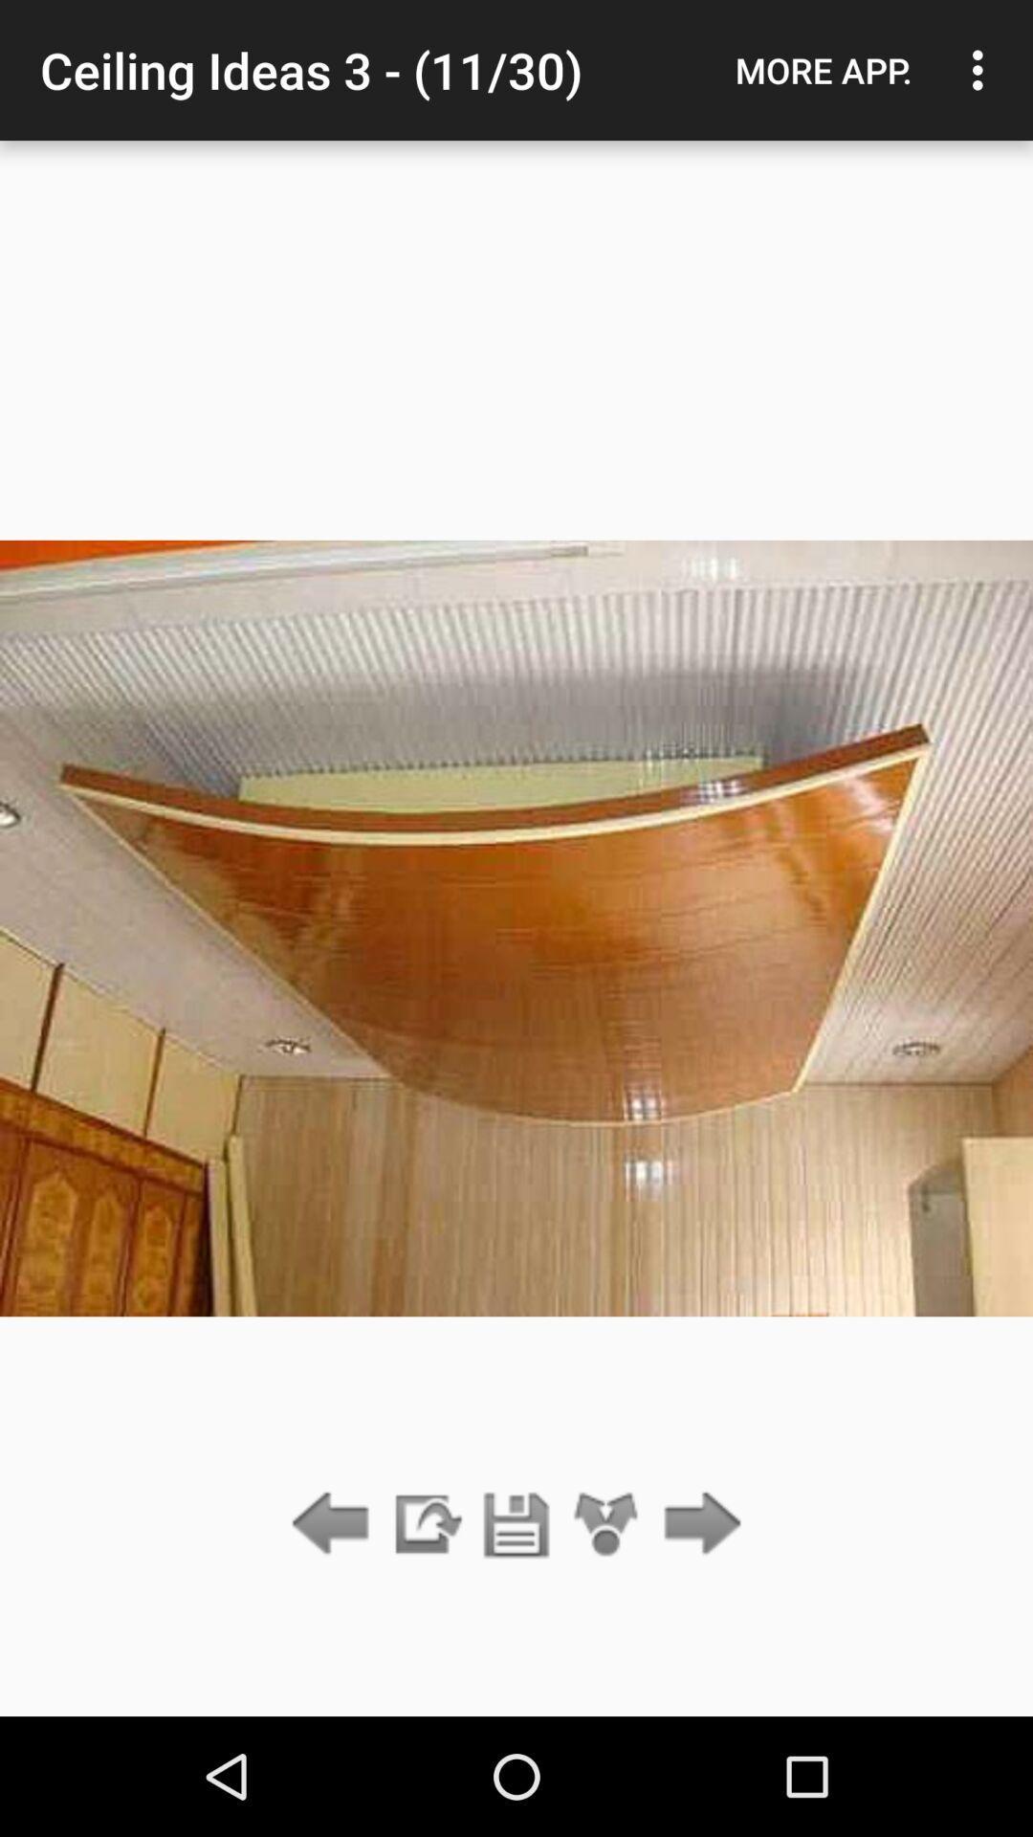 The width and height of the screenshot is (1033, 1837). What do you see at coordinates (425, 1524) in the screenshot?
I see `the item below ceiling ideas 3 app` at bounding box center [425, 1524].